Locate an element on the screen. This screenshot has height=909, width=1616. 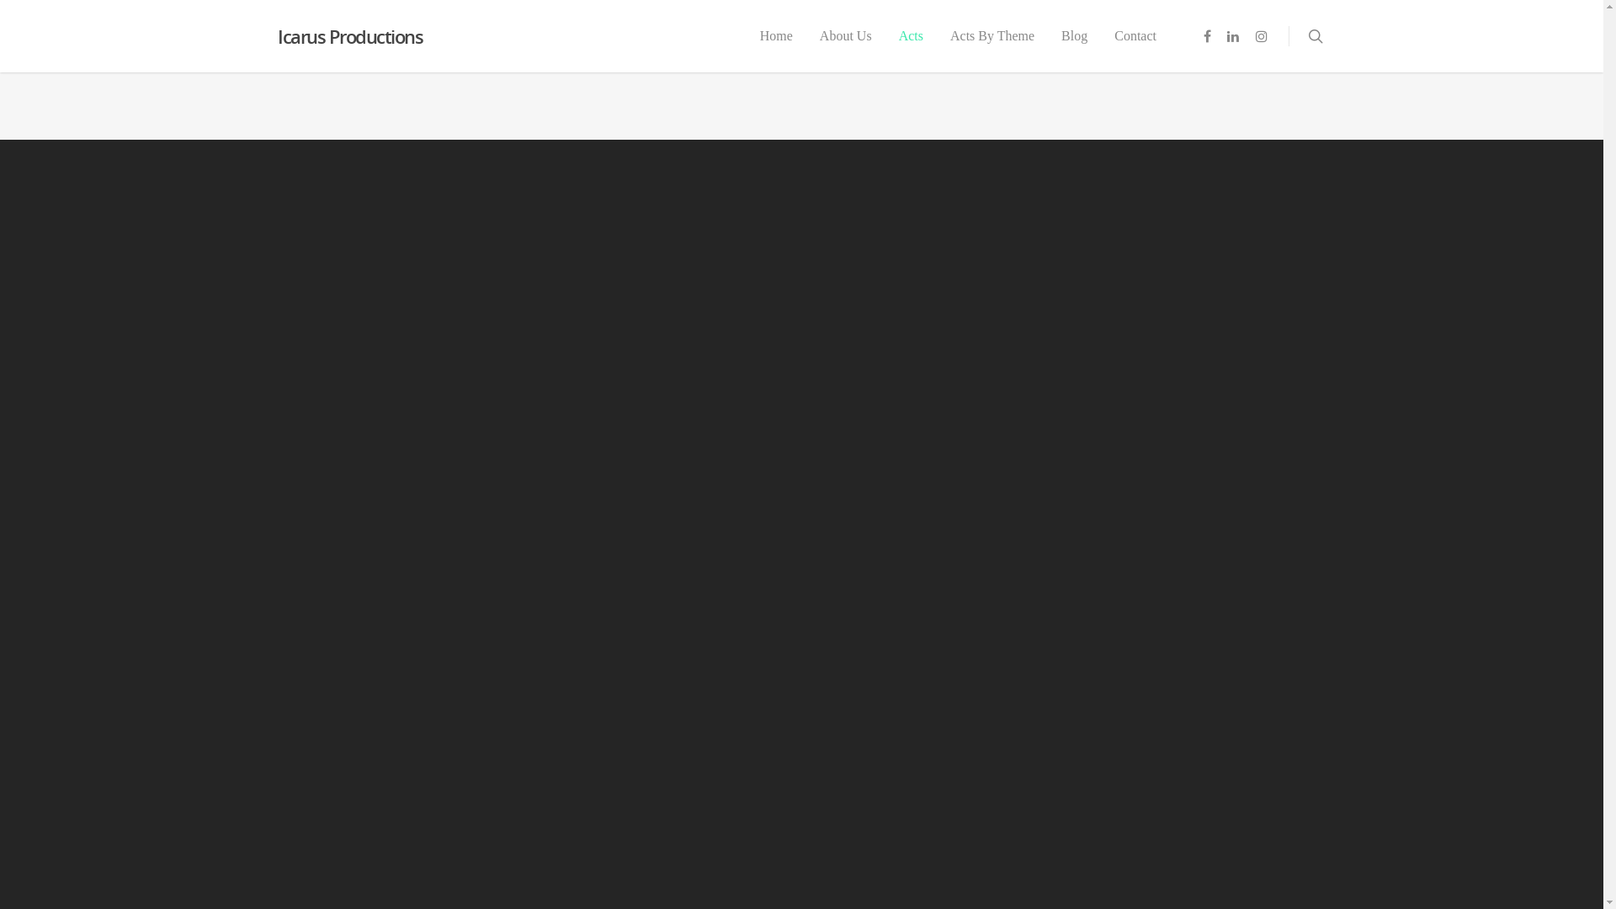
'Blog' is located at coordinates (1048, 47).